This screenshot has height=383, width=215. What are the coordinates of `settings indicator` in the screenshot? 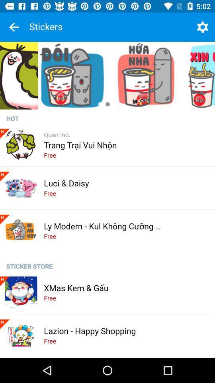 It's located at (202, 27).